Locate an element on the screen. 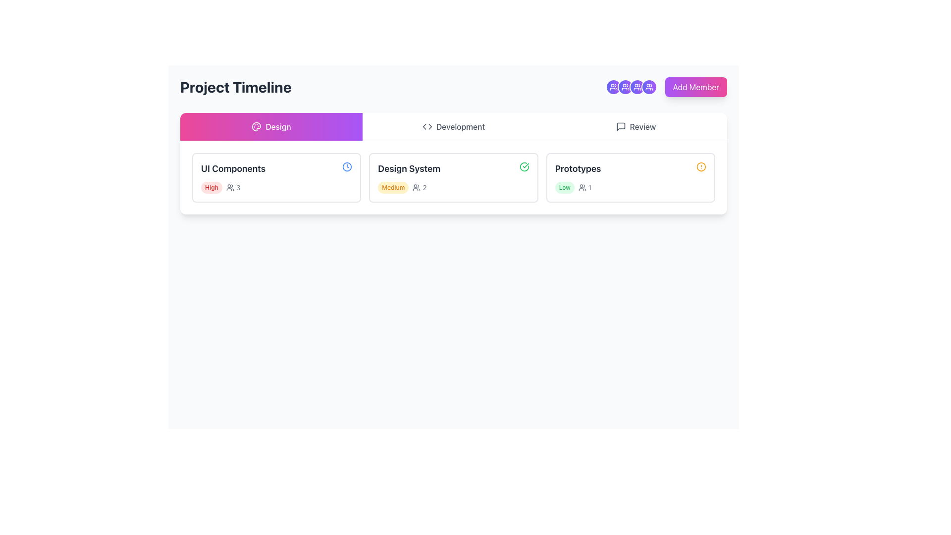 This screenshot has width=951, height=535. the icon representing two user silhouettes, which has a gray outline and is positioned to the left of the text displaying the number '2' is located at coordinates (417, 187).